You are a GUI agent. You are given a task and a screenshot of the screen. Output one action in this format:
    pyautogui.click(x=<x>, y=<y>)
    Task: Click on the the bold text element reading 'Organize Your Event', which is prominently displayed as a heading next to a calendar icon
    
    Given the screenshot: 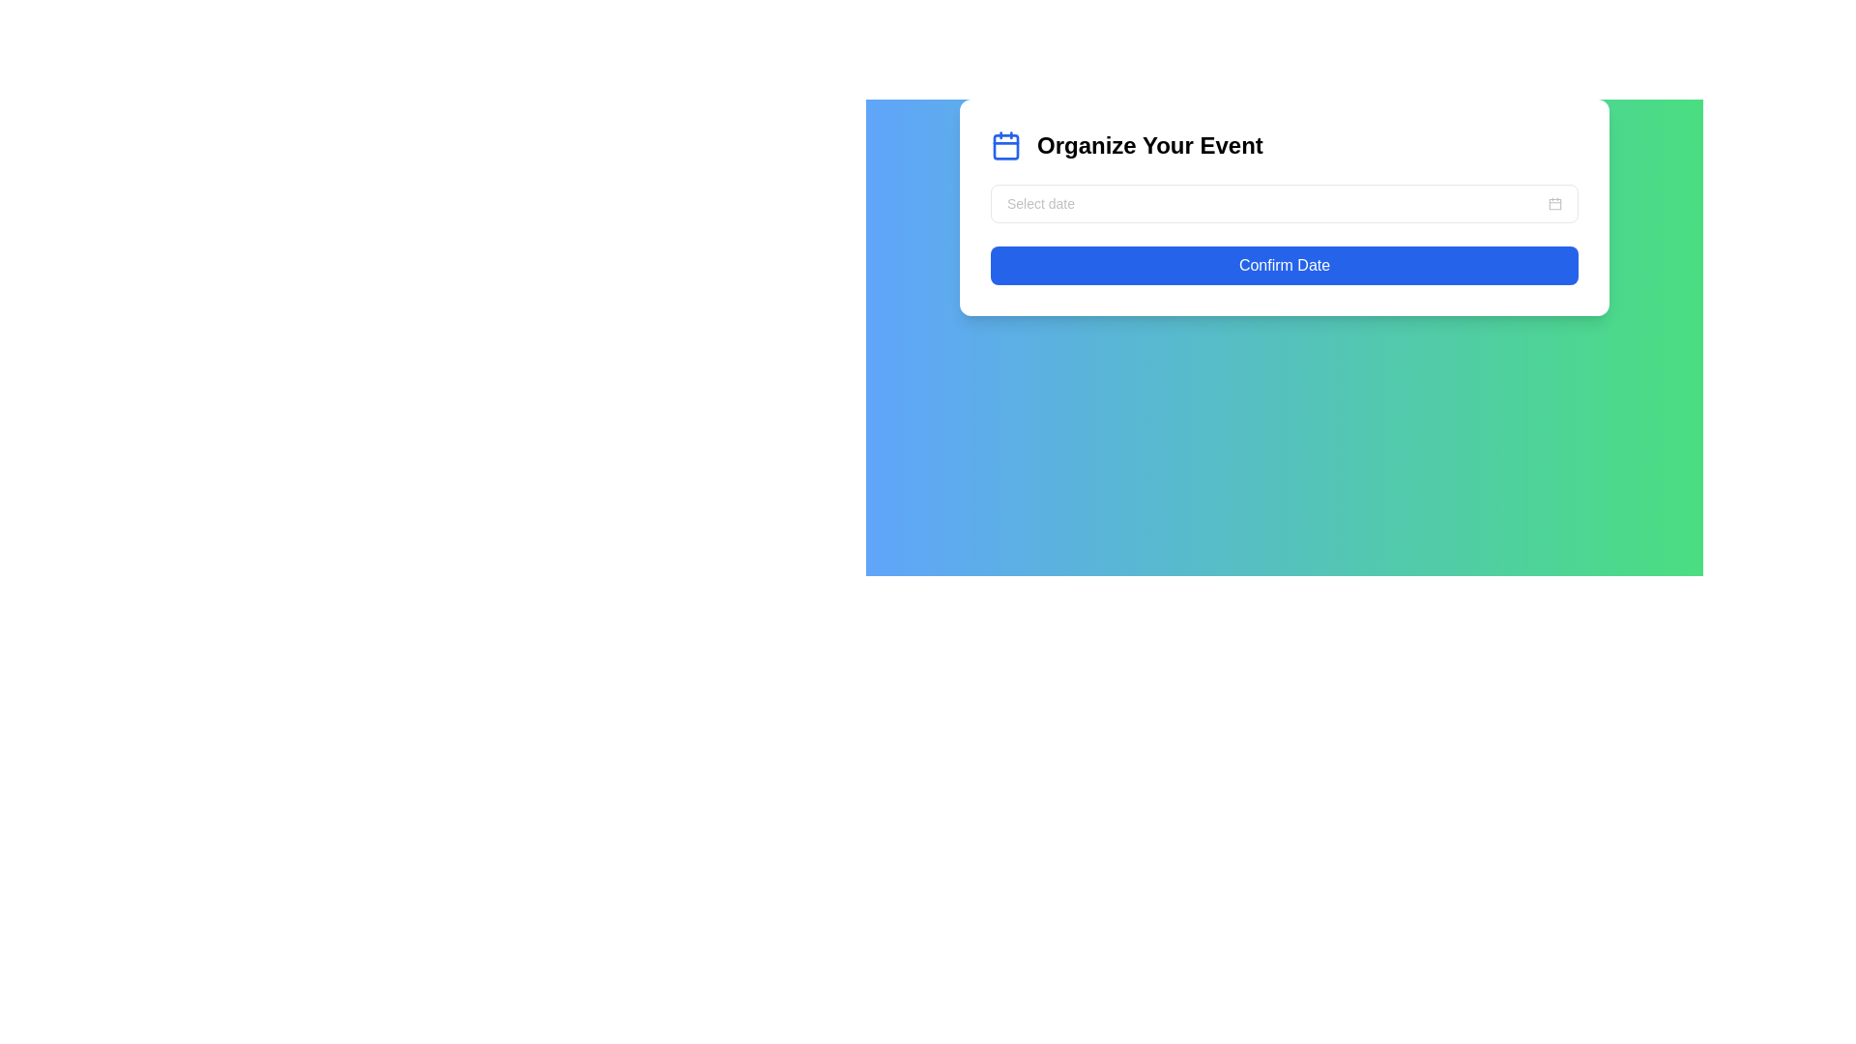 What is the action you would take?
    pyautogui.click(x=1150, y=144)
    